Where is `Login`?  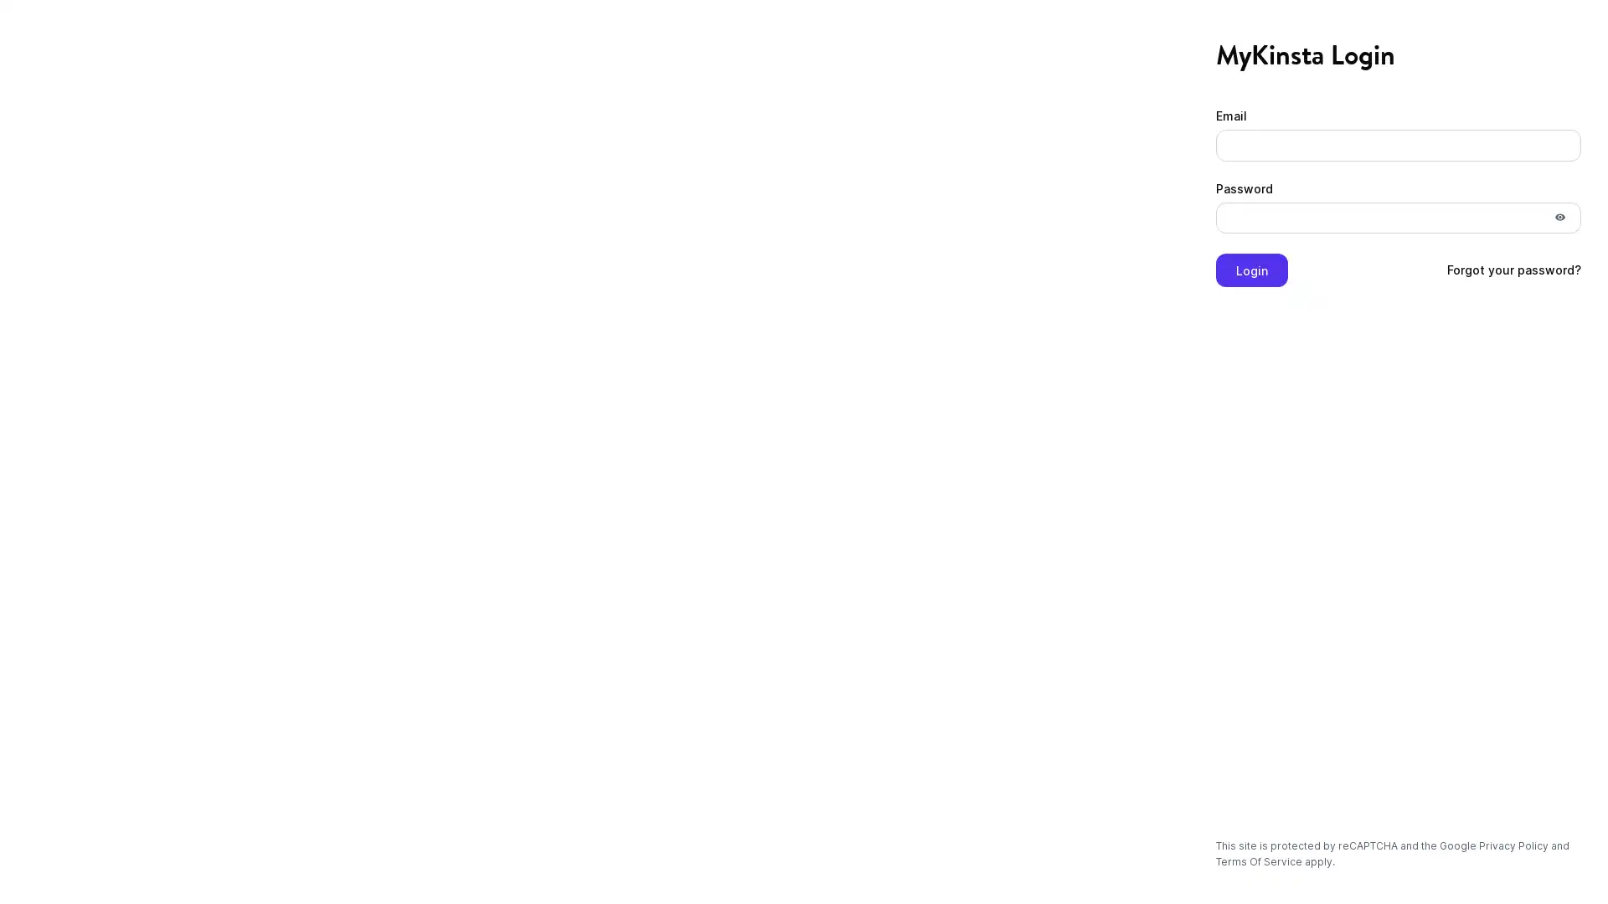 Login is located at coordinates (1251, 273).